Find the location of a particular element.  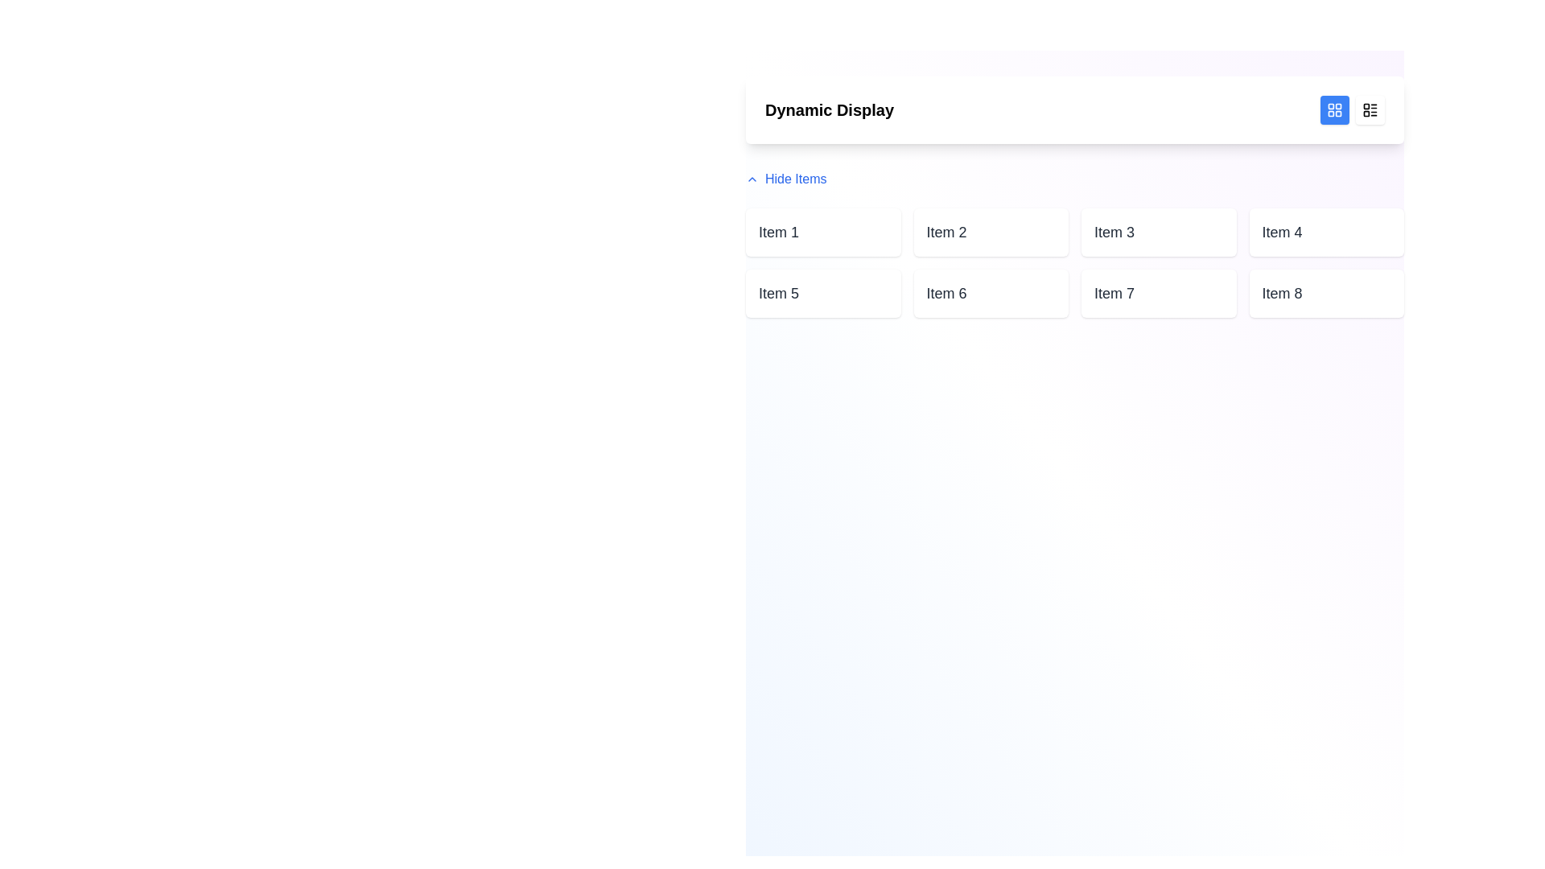

the collapse button next to the 'Hide Items' text is located at coordinates (752, 179).